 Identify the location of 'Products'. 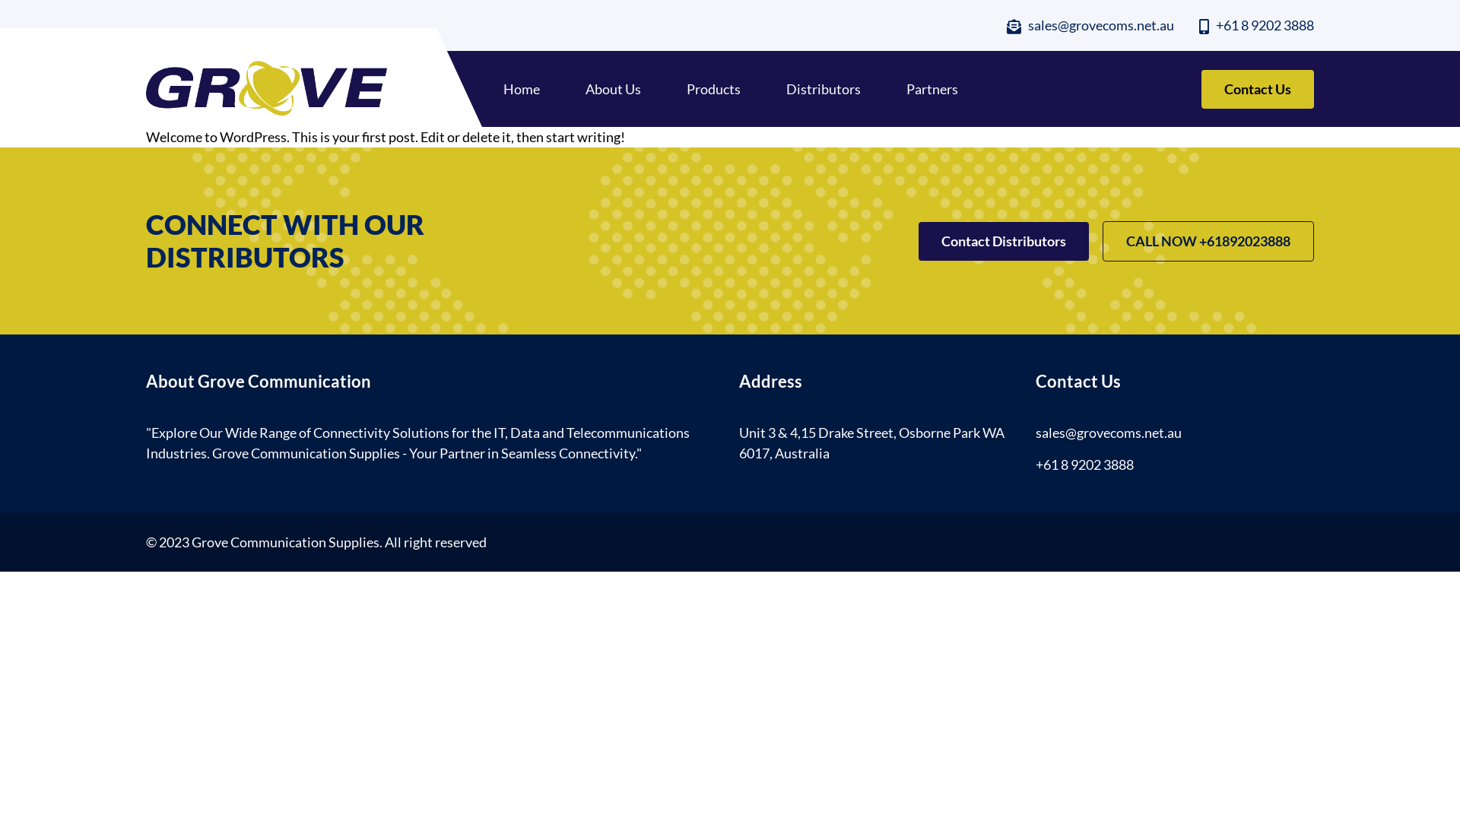
(713, 88).